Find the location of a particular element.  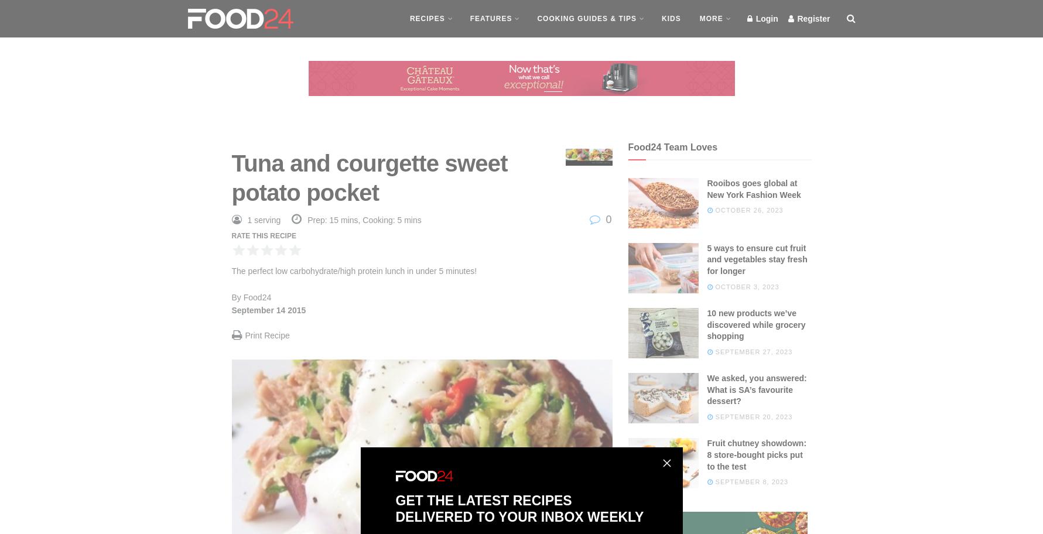

'September 14 2015' is located at coordinates (268, 309).